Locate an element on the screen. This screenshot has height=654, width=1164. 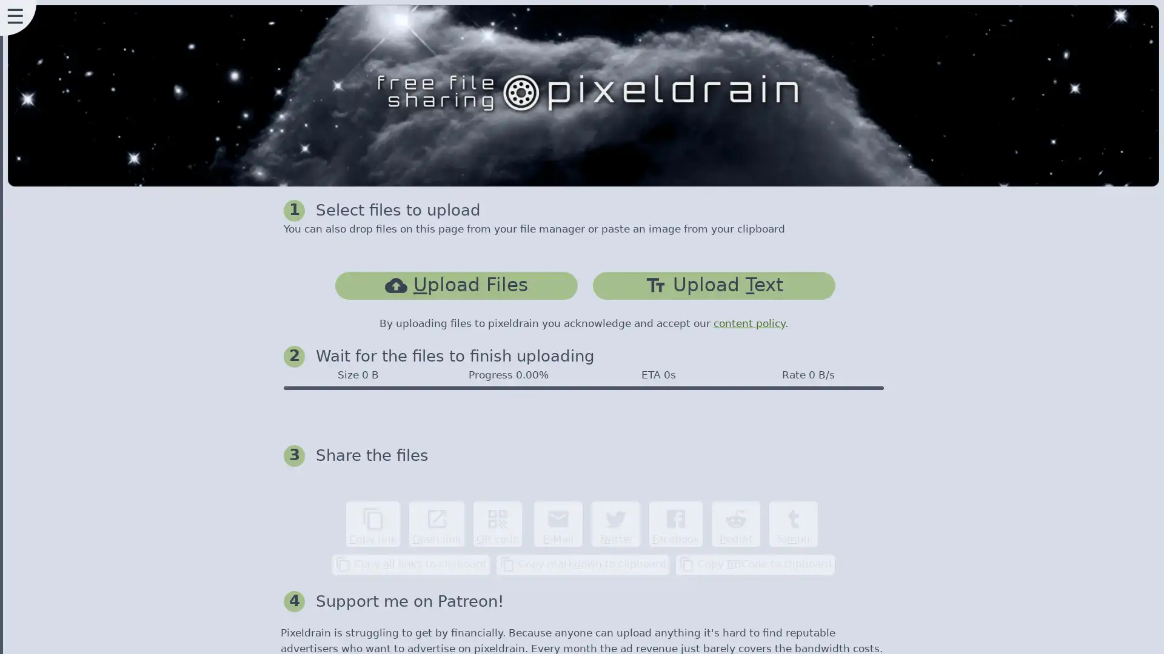
Facebook is located at coordinates (761, 523).